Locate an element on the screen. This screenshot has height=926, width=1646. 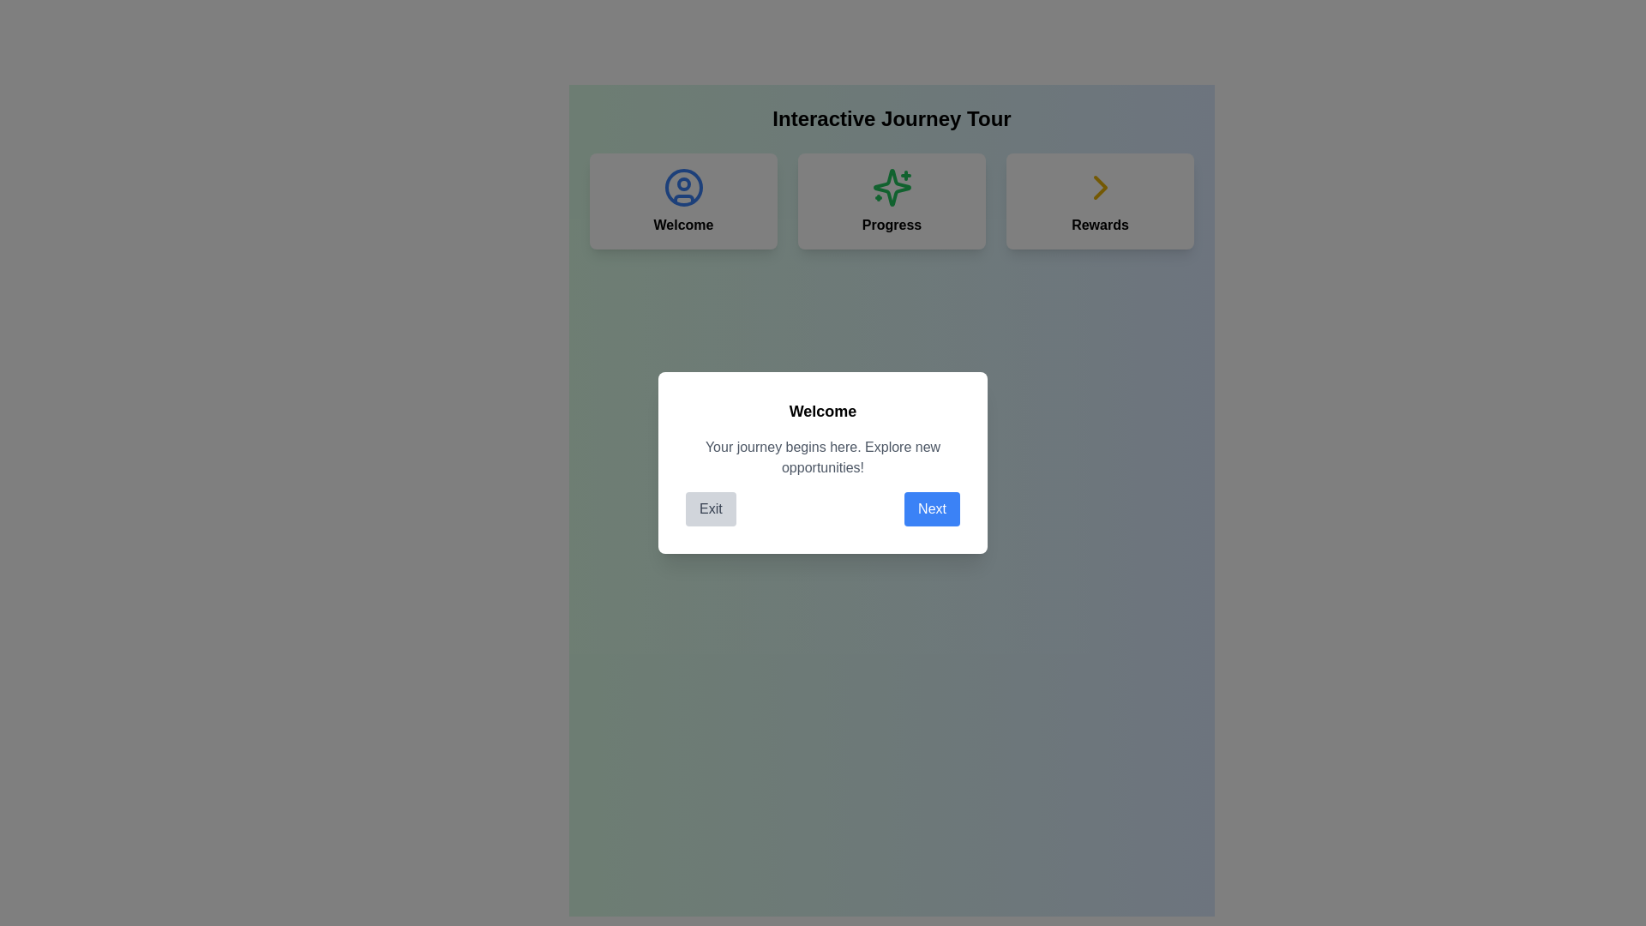
the user account icon located in the top-left card above the 'Welcome' text, which serves as a visual representation of user interactions is located at coordinates (682, 188).